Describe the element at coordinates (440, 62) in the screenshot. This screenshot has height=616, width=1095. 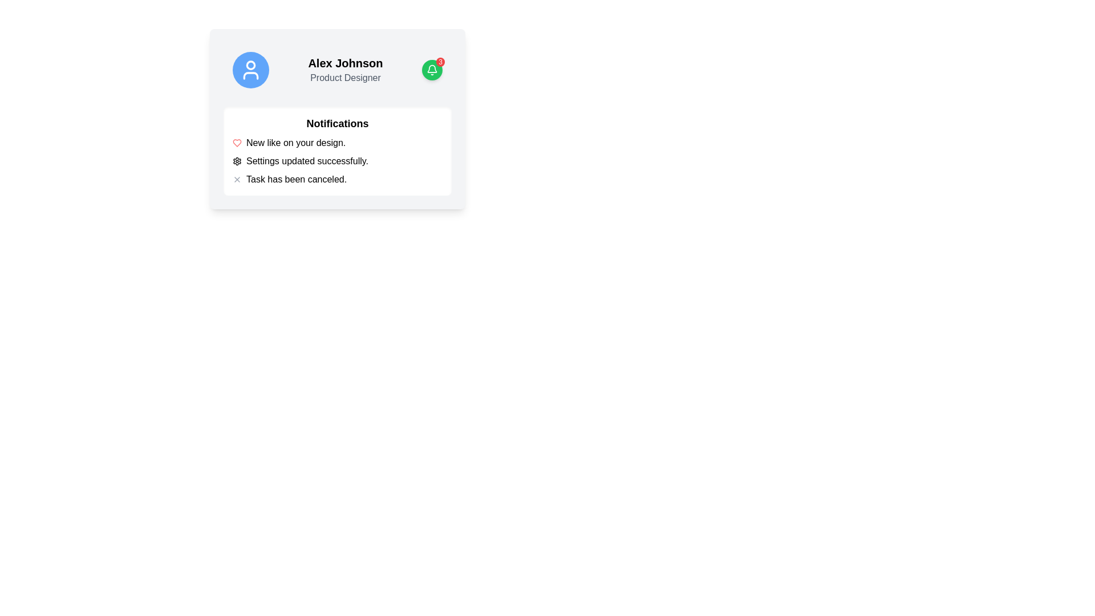
I see `notification count displayed on the red circular badge showing the number '3', which is positioned at the top-right corner of the green bell icon button` at that location.